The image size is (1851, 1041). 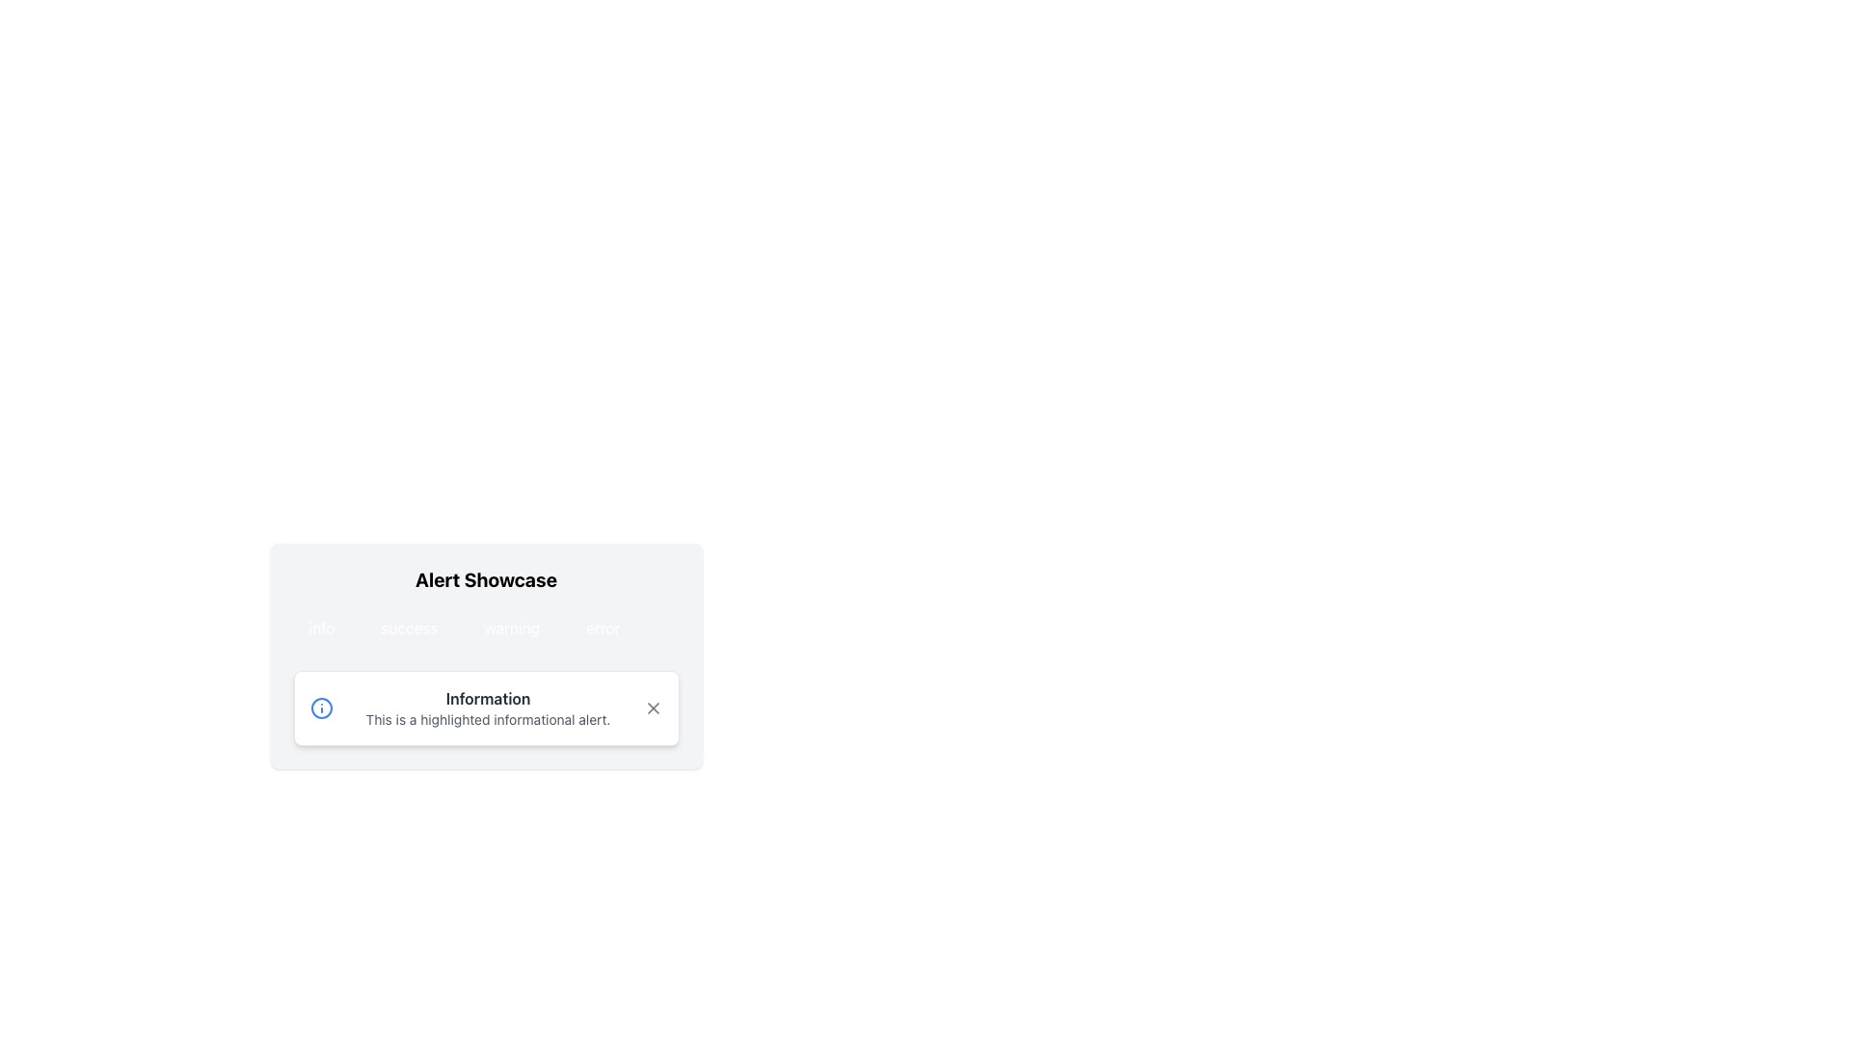 What do you see at coordinates (653, 708) in the screenshot?
I see `the dismiss button located at the far right of the alert box` at bounding box center [653, 708].